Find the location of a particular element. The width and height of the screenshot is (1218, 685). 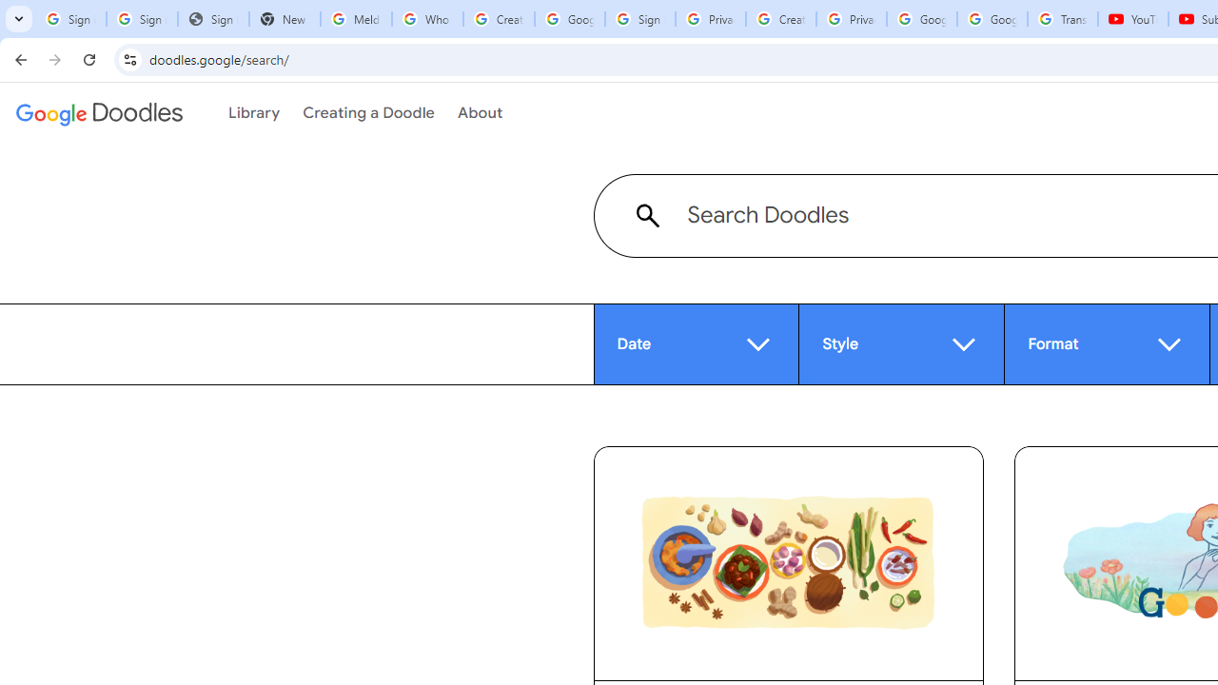

'Sign in - Google Accounts' is located at coordinates (640, 19).